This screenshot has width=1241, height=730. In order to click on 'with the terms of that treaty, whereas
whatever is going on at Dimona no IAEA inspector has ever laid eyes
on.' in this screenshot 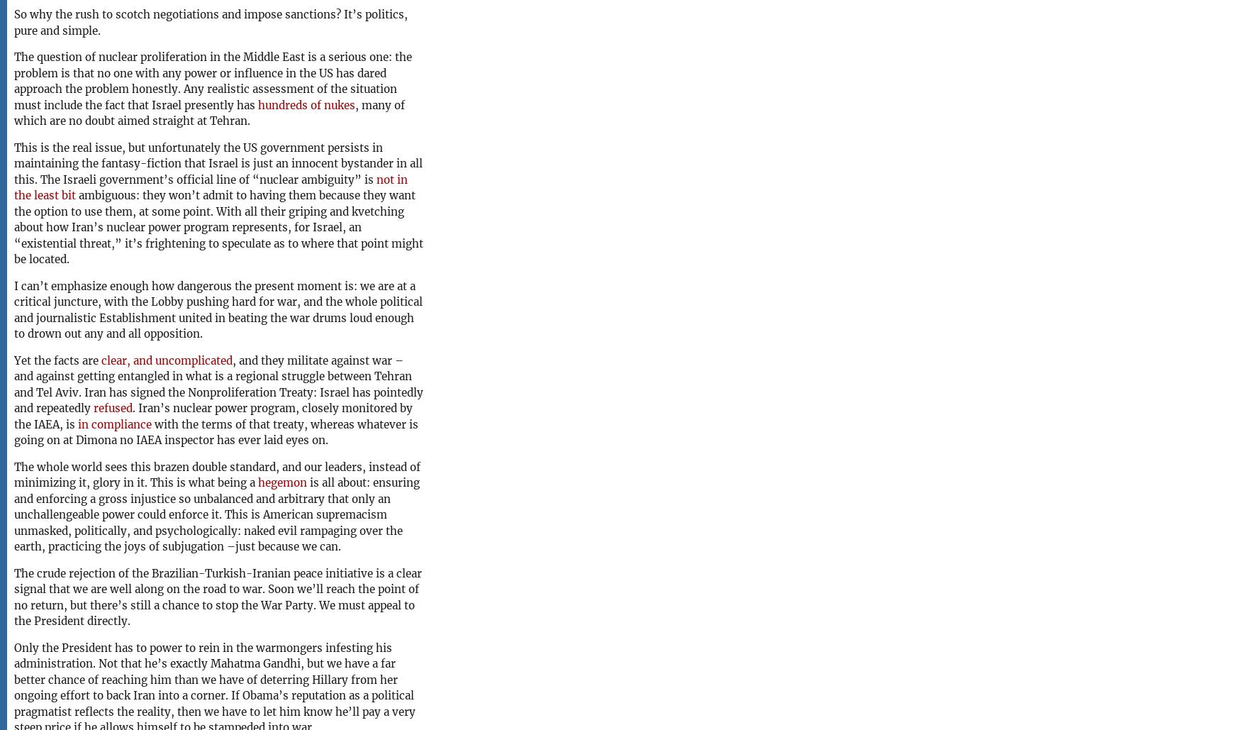, I will do `click(216, 431)`.